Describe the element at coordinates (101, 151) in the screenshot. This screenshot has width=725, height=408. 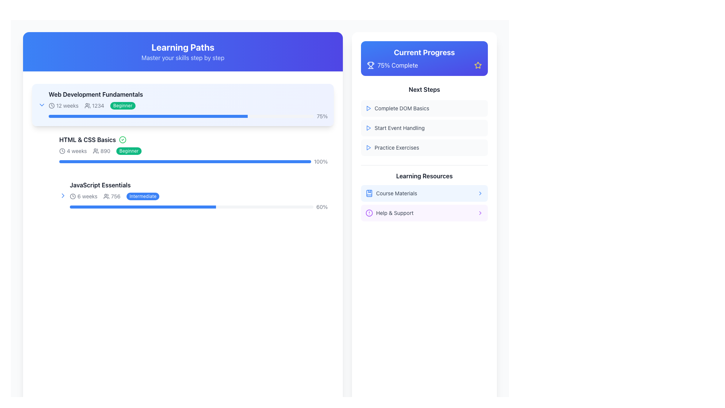
I see `the static text label displaying the number '890' in gray, which is accompanied by a users/members icon, located in the 'HTML & CSS Basics' row` at that location.